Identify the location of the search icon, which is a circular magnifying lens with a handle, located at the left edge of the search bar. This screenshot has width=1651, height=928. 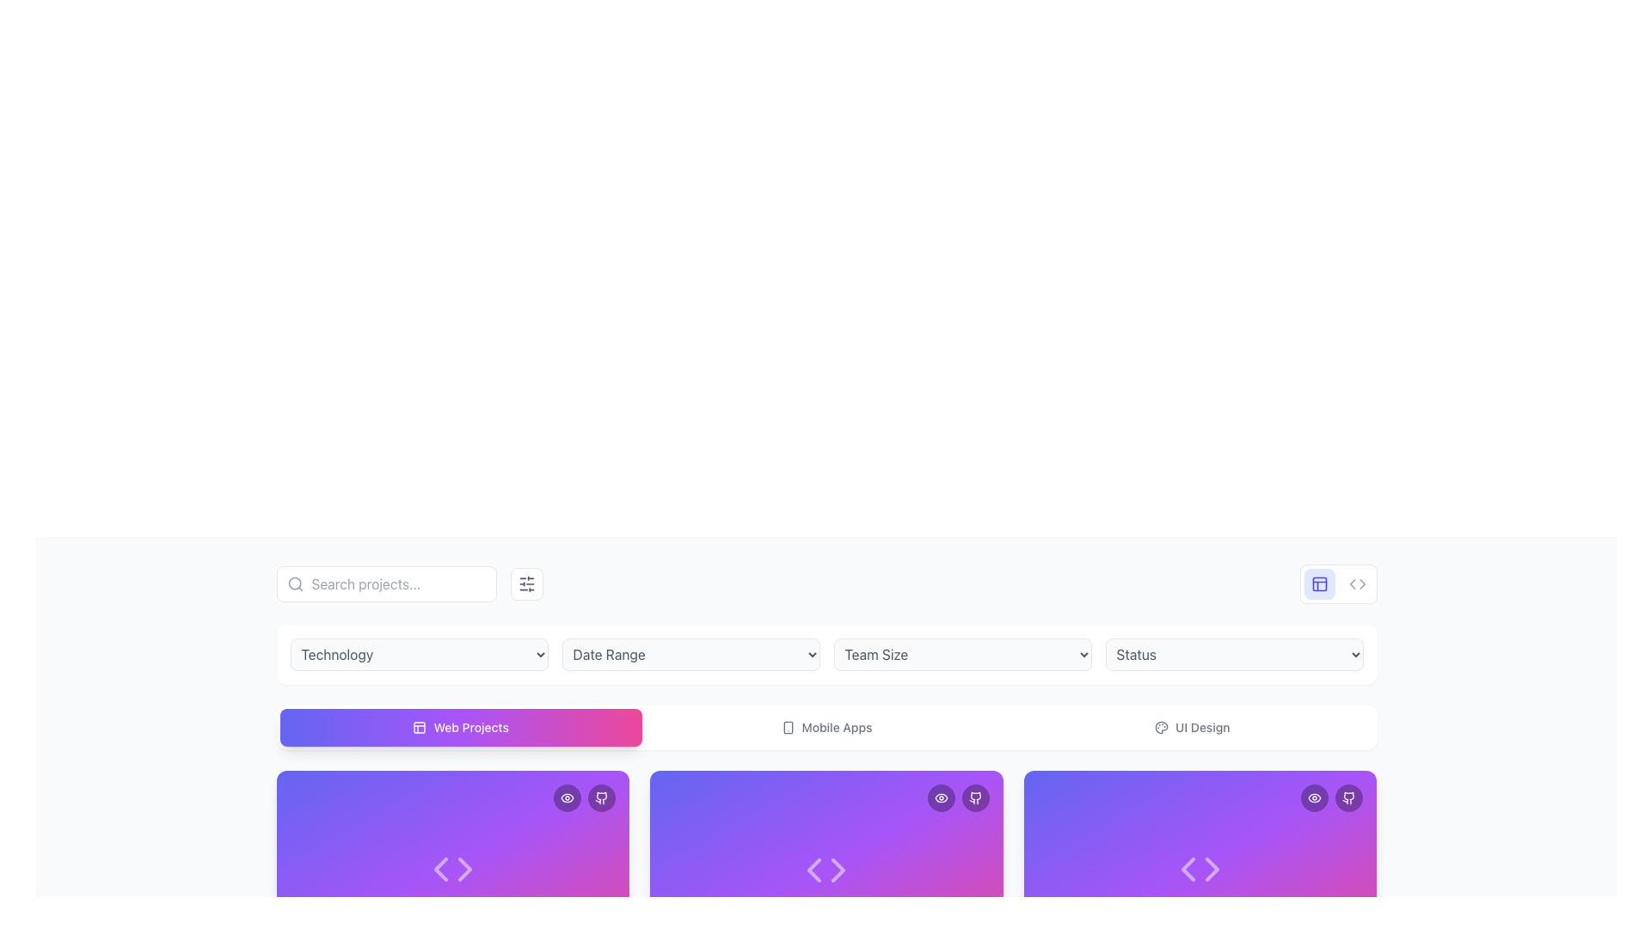
(295, 583).